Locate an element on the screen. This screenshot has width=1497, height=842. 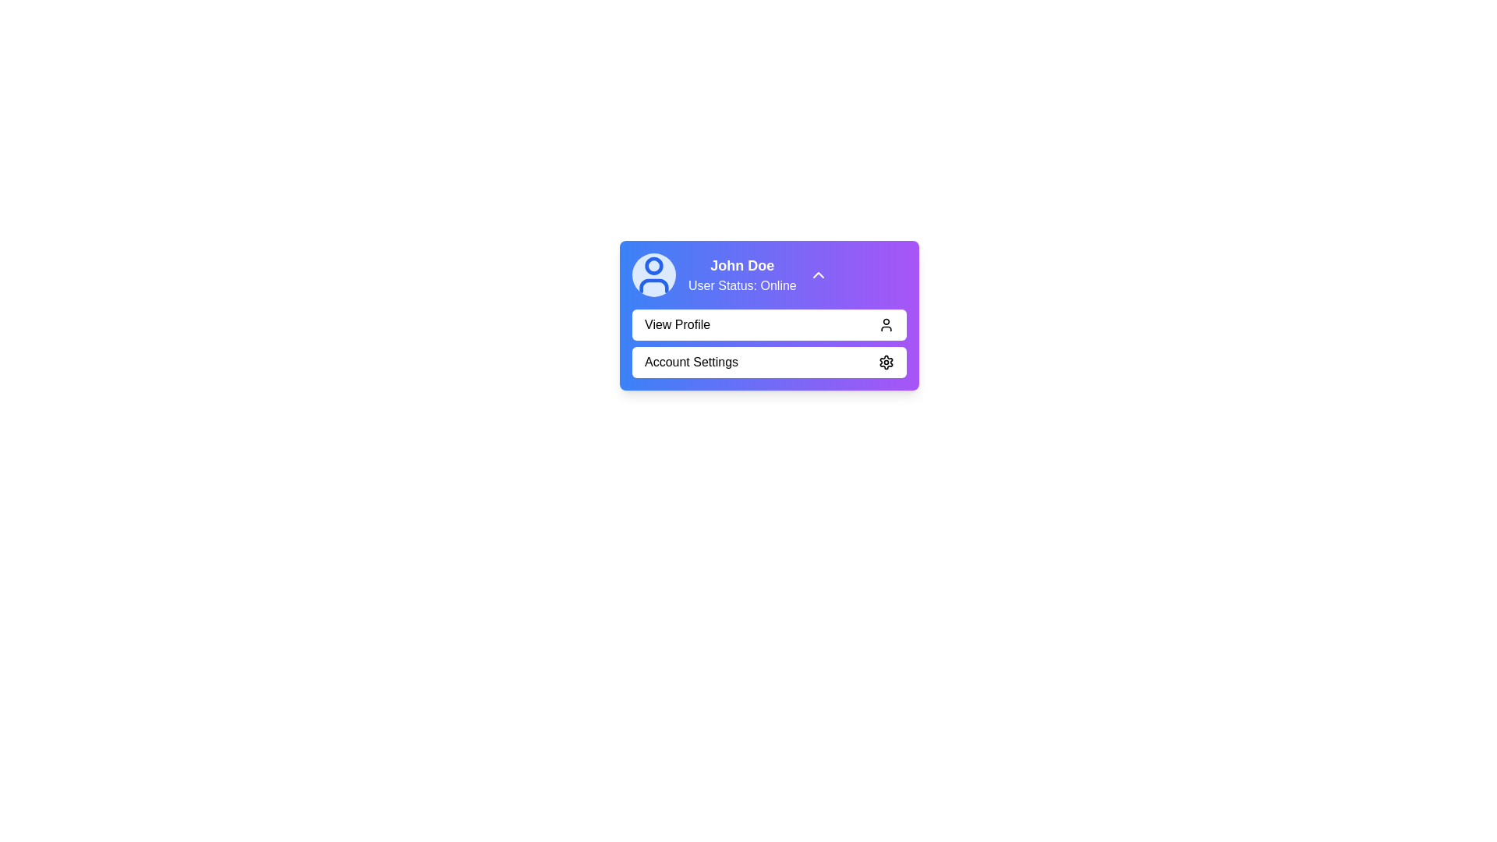
the Text Label that indicates the user's status as 'Online', located beneath 'John Doe' within the user details card is located at coordinates (741, 285).